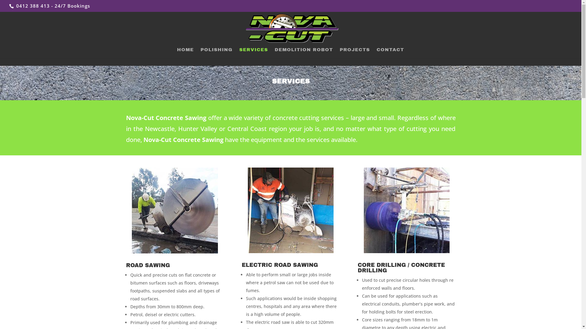 The width and height of the screenshot is (586, 329). What do you see at coordinates (185, 52) in the screenshot?
I see `'HOME'` at bounding box center [185, 52].